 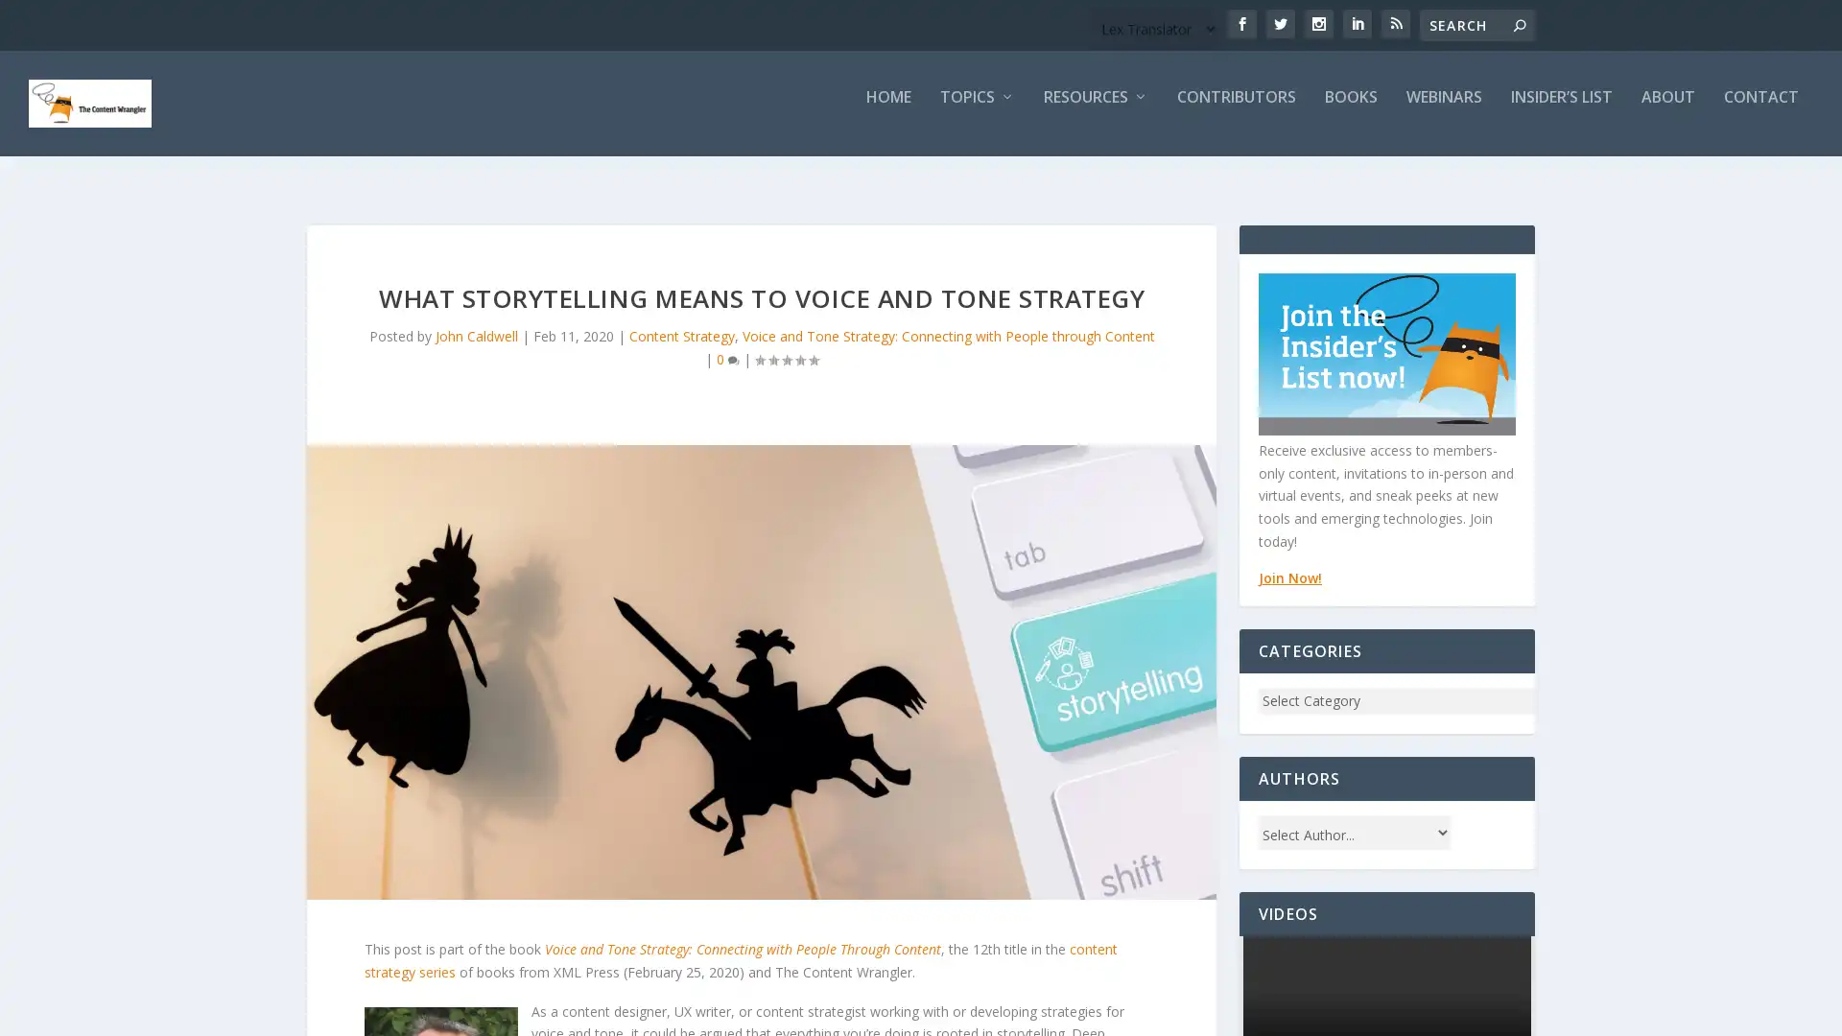 I want to click on Log In, so click(x=398, y=747).